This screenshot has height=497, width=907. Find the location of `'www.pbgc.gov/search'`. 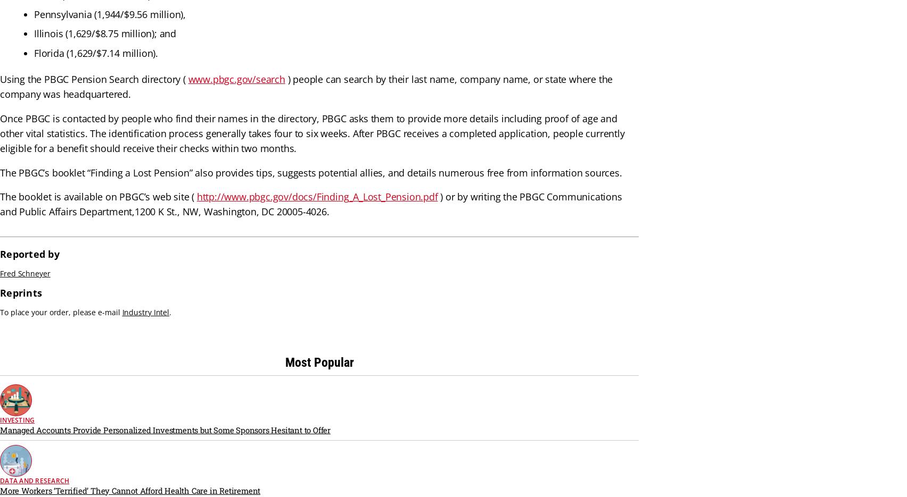

'www.pbgc.gov/search' is located at coordinates (236, 79).